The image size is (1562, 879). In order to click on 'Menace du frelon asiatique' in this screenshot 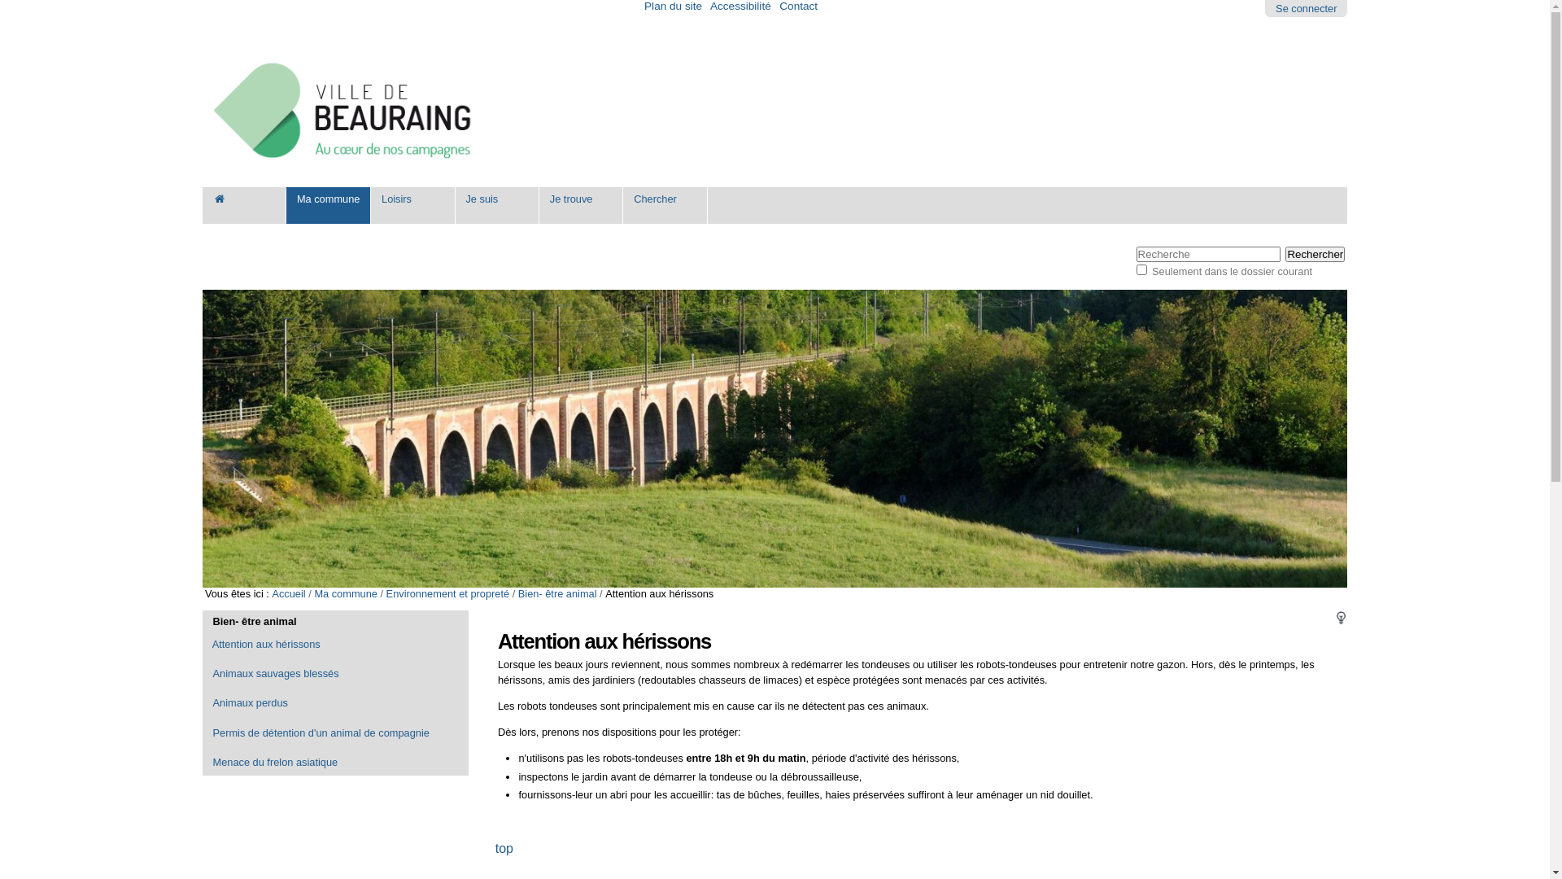, I will do `click(334, 763)`.